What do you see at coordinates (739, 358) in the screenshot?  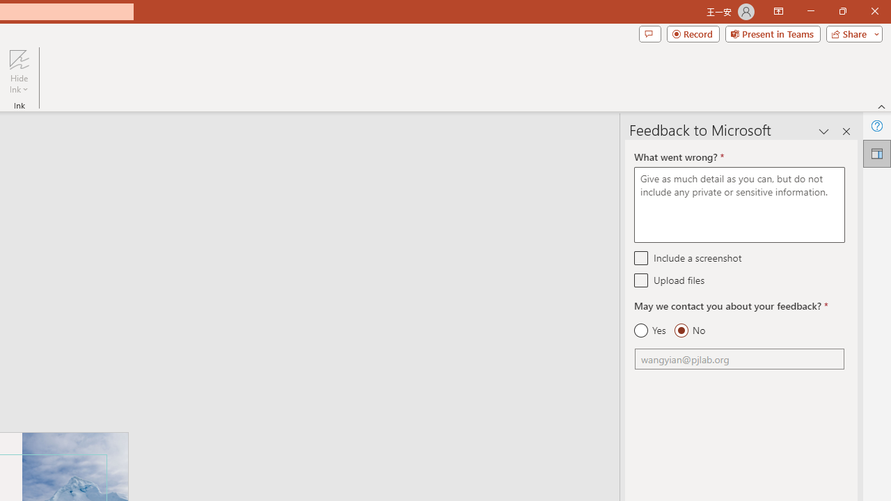 I see `'Email'` at bounding box center [739, 358].